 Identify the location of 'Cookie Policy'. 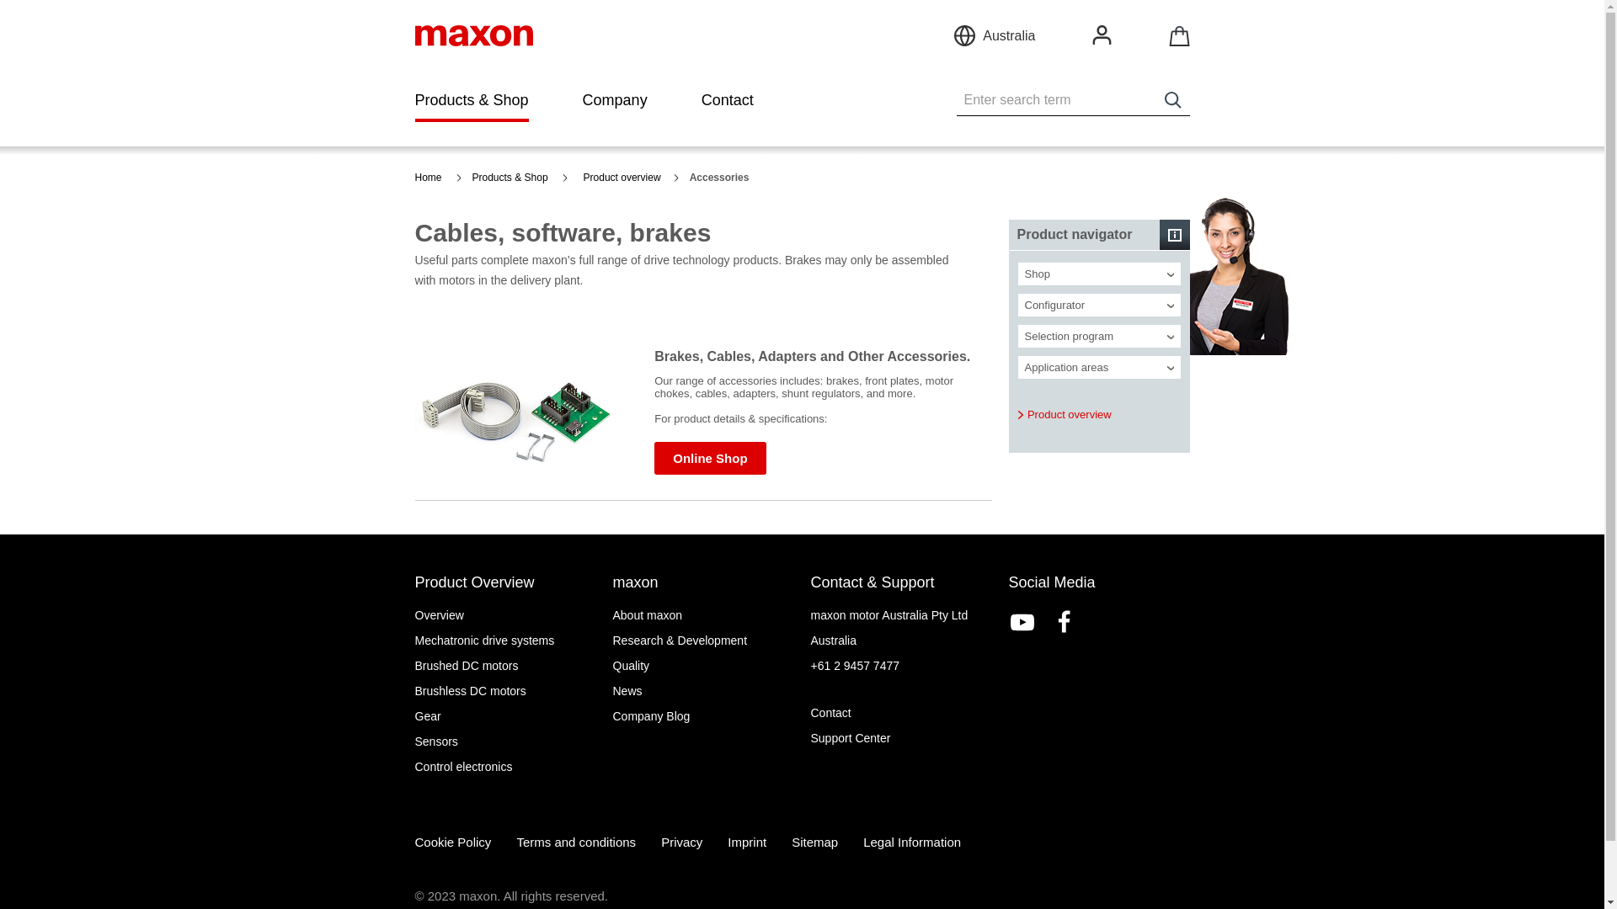
(452, 842).